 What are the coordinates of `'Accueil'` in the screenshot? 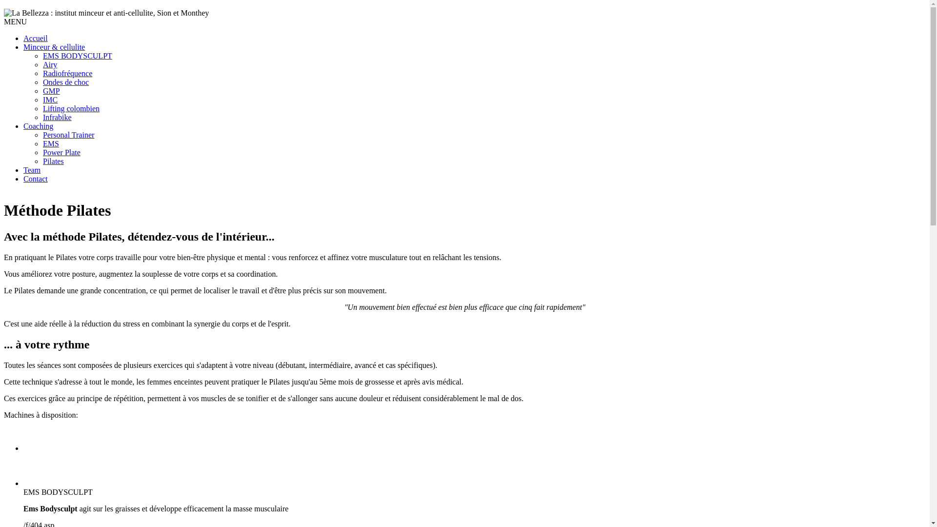 It's located at (35, 38).